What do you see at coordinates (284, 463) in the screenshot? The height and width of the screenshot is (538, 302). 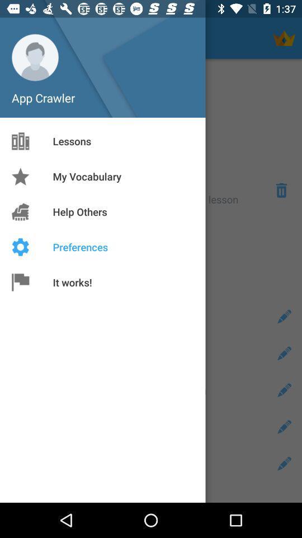 I see `the edit icon` at bounding box center [284, 463].